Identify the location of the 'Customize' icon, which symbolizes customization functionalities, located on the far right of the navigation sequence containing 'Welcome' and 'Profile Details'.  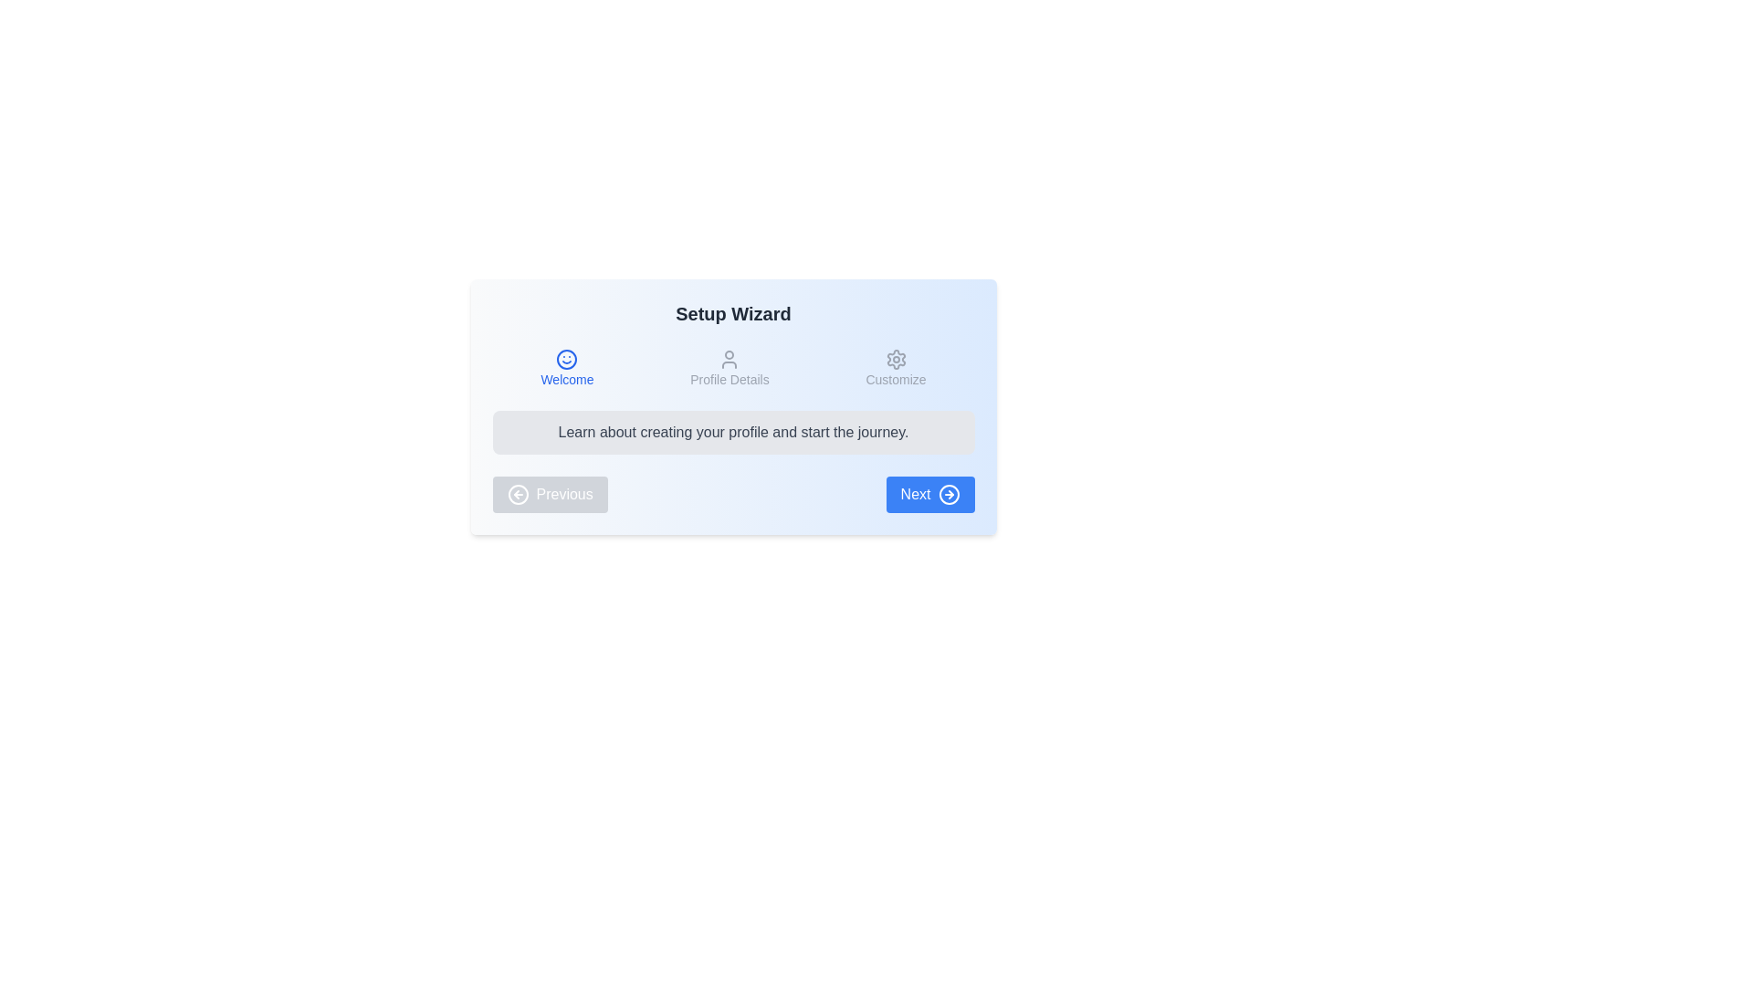
(896, 359).